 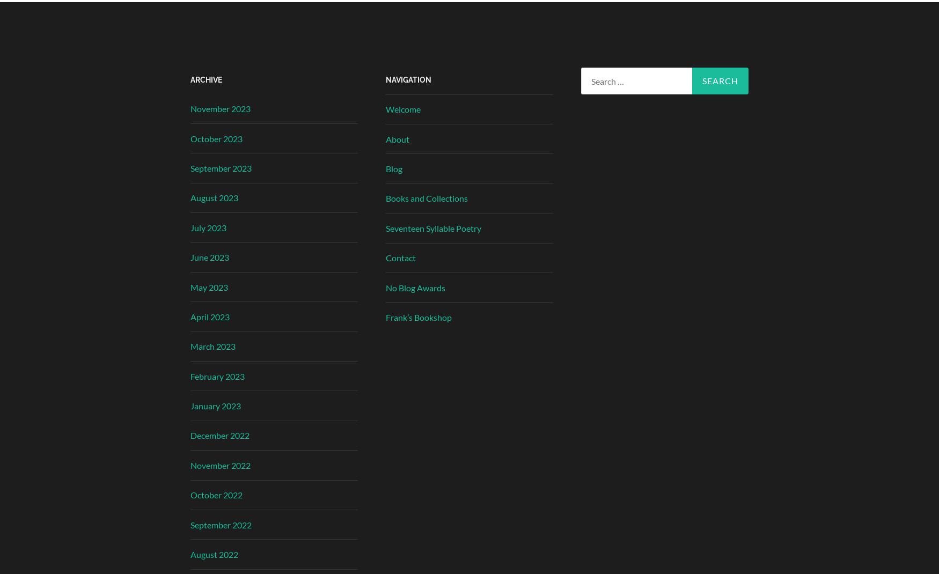 I want to click on 'August 2022', so click(x=214, y=554).